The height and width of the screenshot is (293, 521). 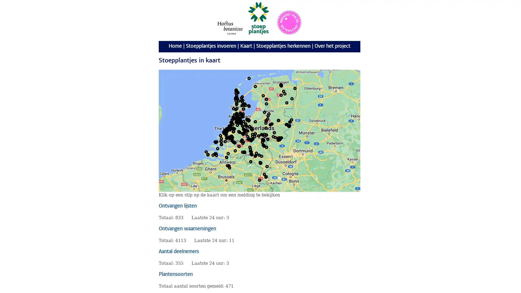 I want to click on Telling van op 18 april 2022, so click(x=234, y=114).